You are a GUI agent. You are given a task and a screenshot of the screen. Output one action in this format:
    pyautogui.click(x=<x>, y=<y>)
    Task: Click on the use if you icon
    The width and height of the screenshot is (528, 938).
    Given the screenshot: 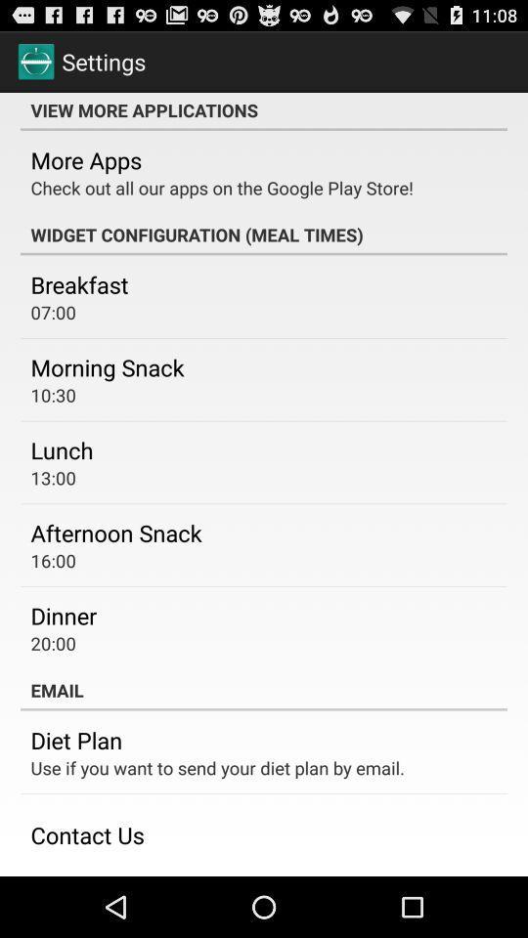 What is the action you would take?
    pyautogui.click(x=216, y=767)
    